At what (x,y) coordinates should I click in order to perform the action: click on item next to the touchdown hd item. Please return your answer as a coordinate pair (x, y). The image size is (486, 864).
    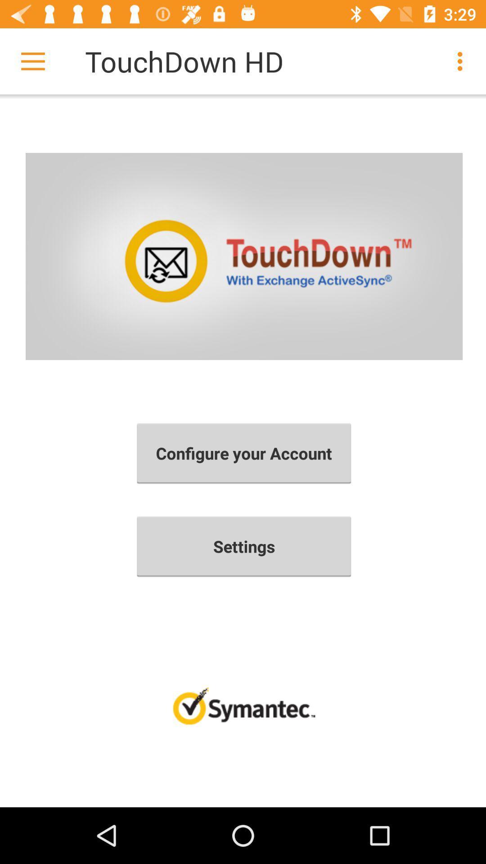
    Looking at the image, I should click on (32, 61).